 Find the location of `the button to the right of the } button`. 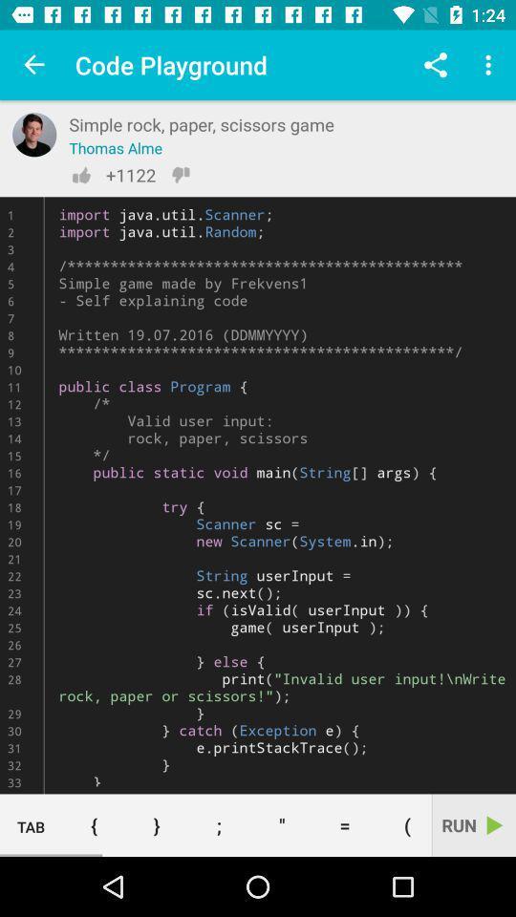

the button to the right of the } button is located at coordinates (218, 824).